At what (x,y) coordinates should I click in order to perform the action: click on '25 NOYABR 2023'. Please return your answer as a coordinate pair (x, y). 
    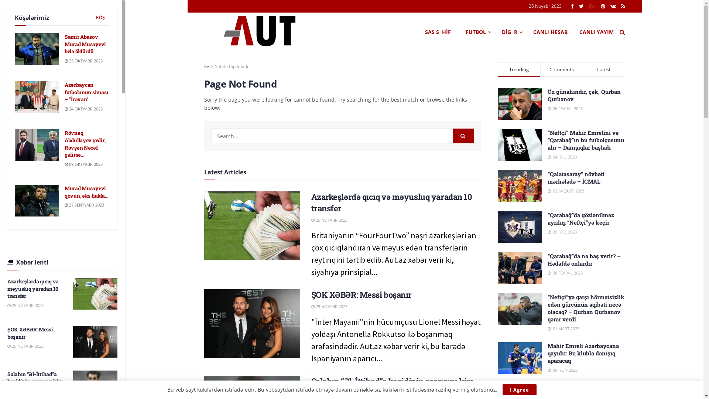
    Looking at the image, I should click on (25, 305).